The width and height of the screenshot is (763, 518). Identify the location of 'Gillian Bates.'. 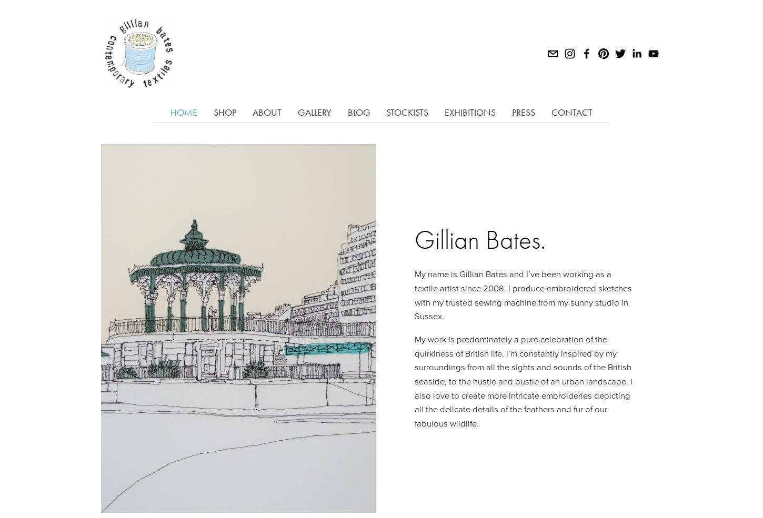
(479, 239).